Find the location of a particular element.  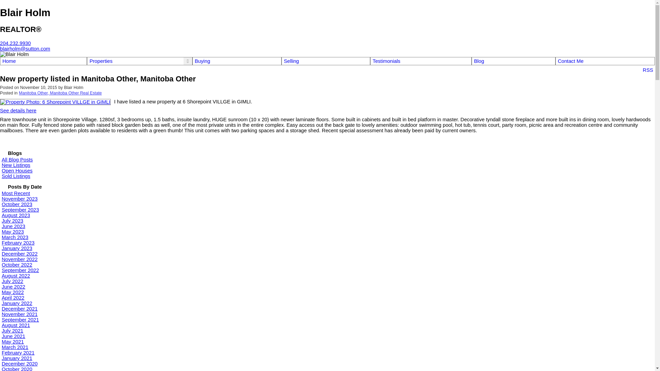

'March 2023' is located at coordinates (15, 237).